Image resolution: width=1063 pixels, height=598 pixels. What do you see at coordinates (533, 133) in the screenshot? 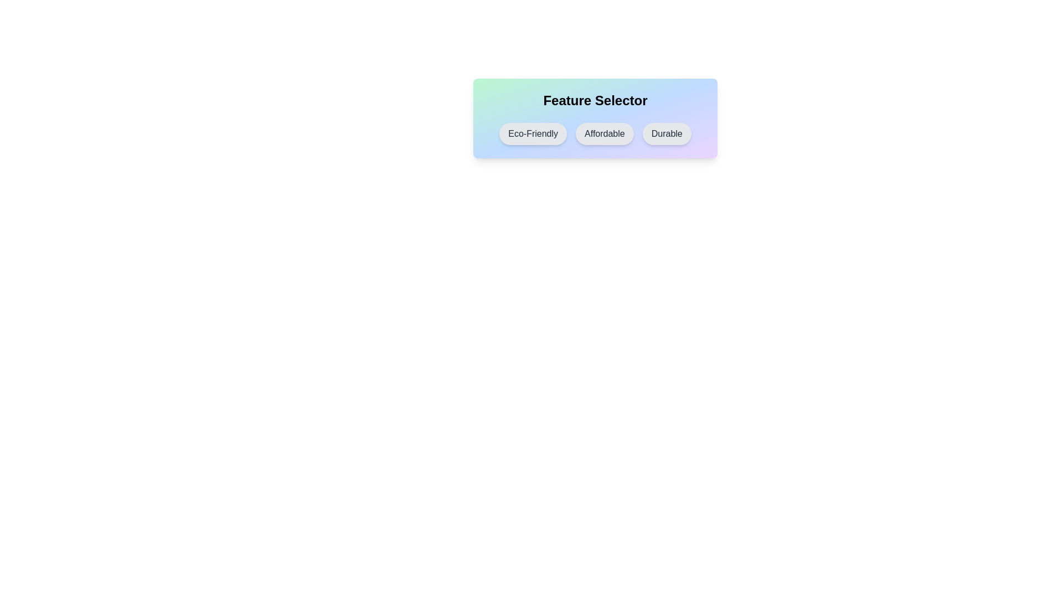
I see `the chip labeled Eco-Friendly to observe its hover effect` at bounding box center [533, 133].